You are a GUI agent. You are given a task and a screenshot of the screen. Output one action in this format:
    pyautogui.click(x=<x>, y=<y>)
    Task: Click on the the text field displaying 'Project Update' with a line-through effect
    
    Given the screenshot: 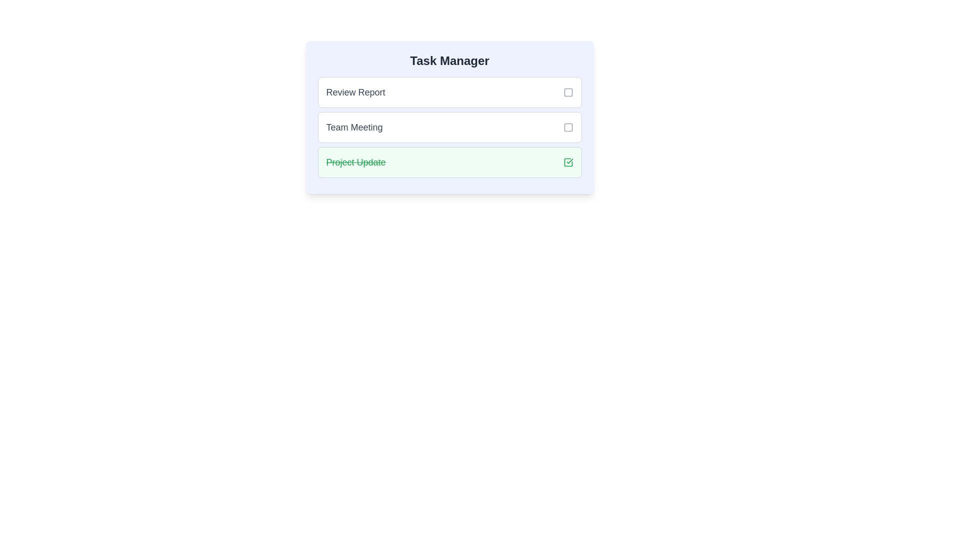 What is the action you would take?
    pyautogui.click(x=356, y=161)
    